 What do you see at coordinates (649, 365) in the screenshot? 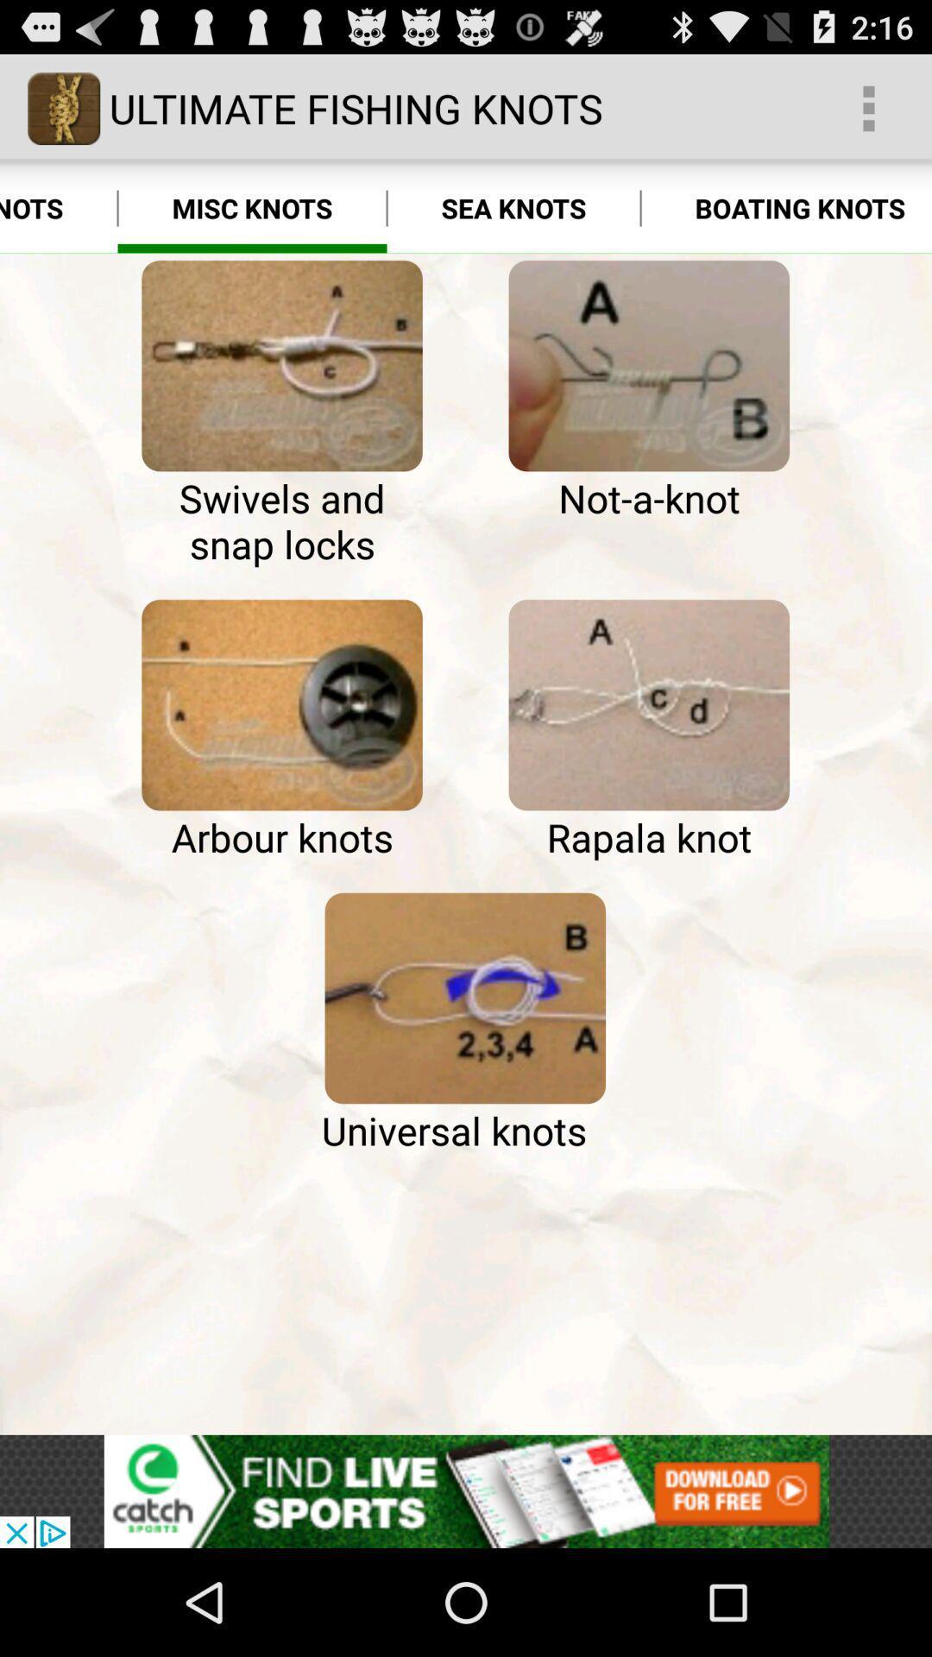
I see `click not-a-knot option` at bounding box center [649, 365].